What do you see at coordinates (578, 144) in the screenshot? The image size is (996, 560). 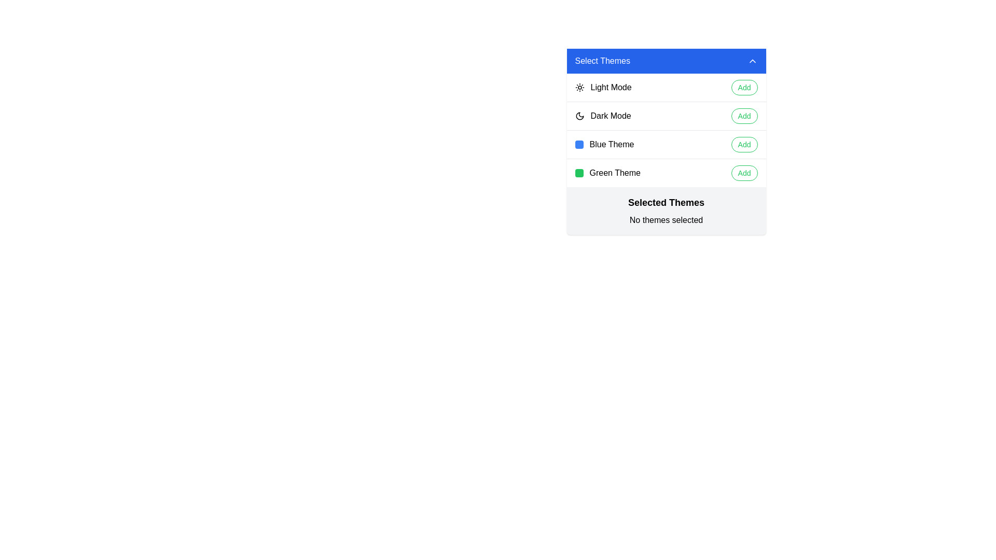 I see `the small blue circular icon located to the left of the text 'Blue Theme' in the selectable themes list` at bounding box center [578, 144].